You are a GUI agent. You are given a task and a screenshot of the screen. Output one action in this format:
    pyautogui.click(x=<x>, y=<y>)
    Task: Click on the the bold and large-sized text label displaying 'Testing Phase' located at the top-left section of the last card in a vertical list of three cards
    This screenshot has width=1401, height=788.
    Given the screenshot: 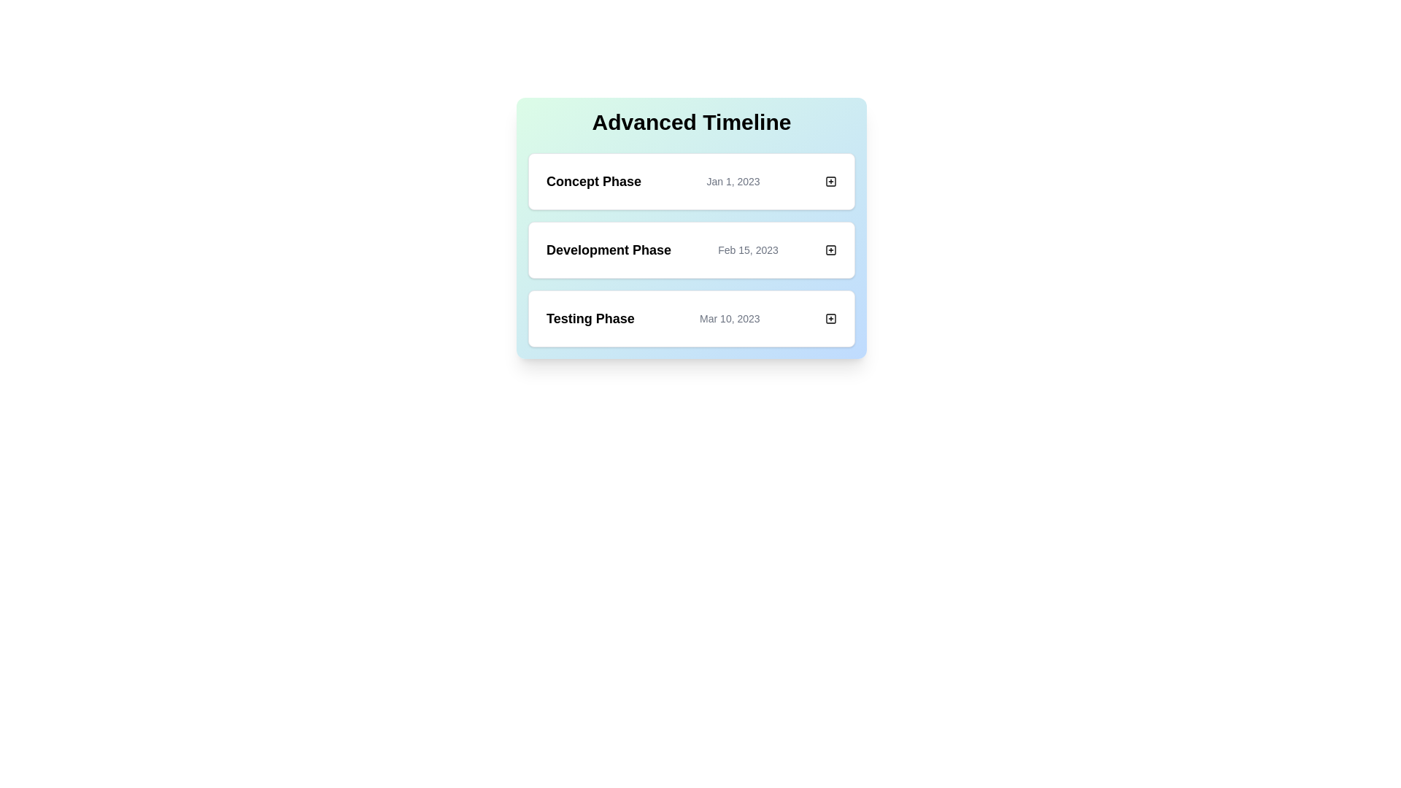 What is the action you would take?
    pyautogui.click(x=590, y=317)
    